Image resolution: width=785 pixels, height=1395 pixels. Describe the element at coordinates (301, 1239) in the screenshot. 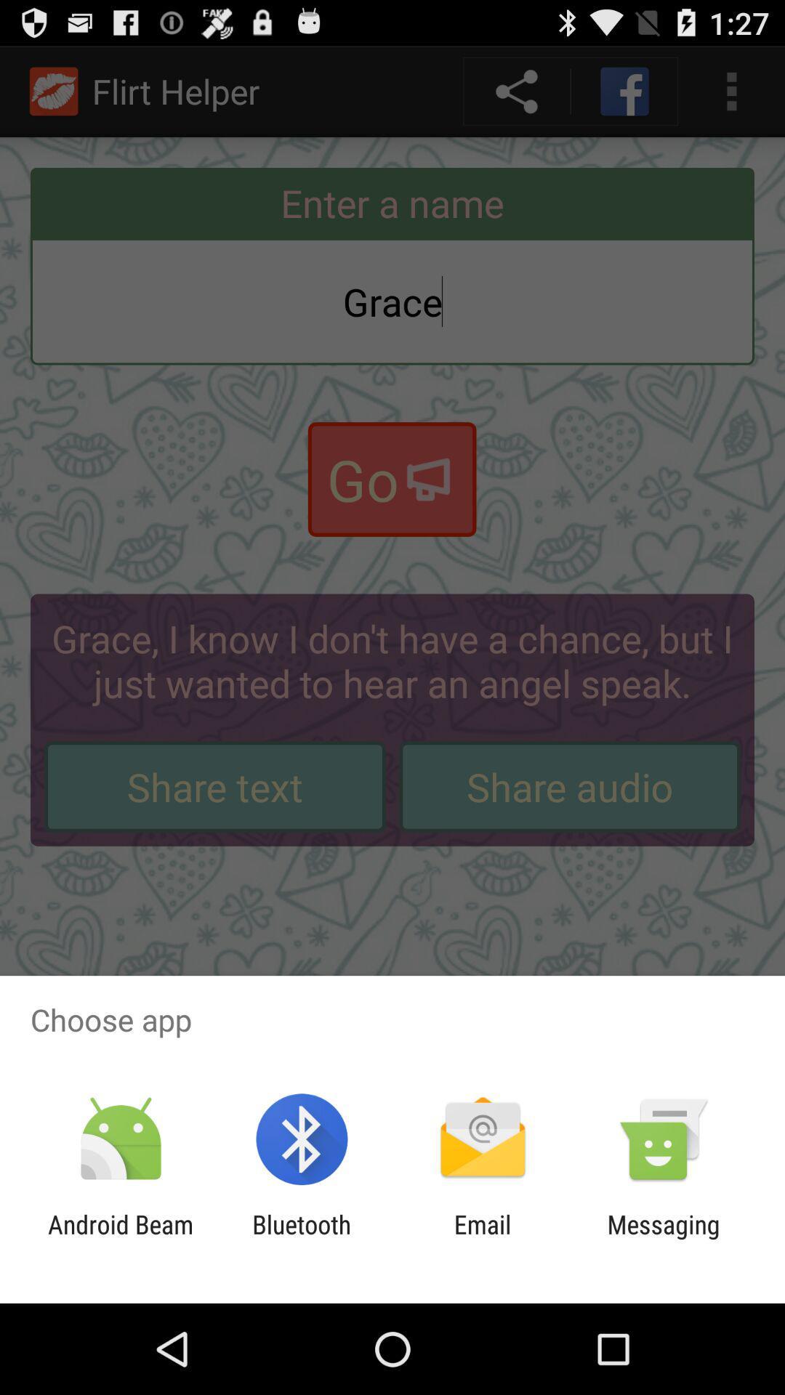

I see `the app next to email` at that location.